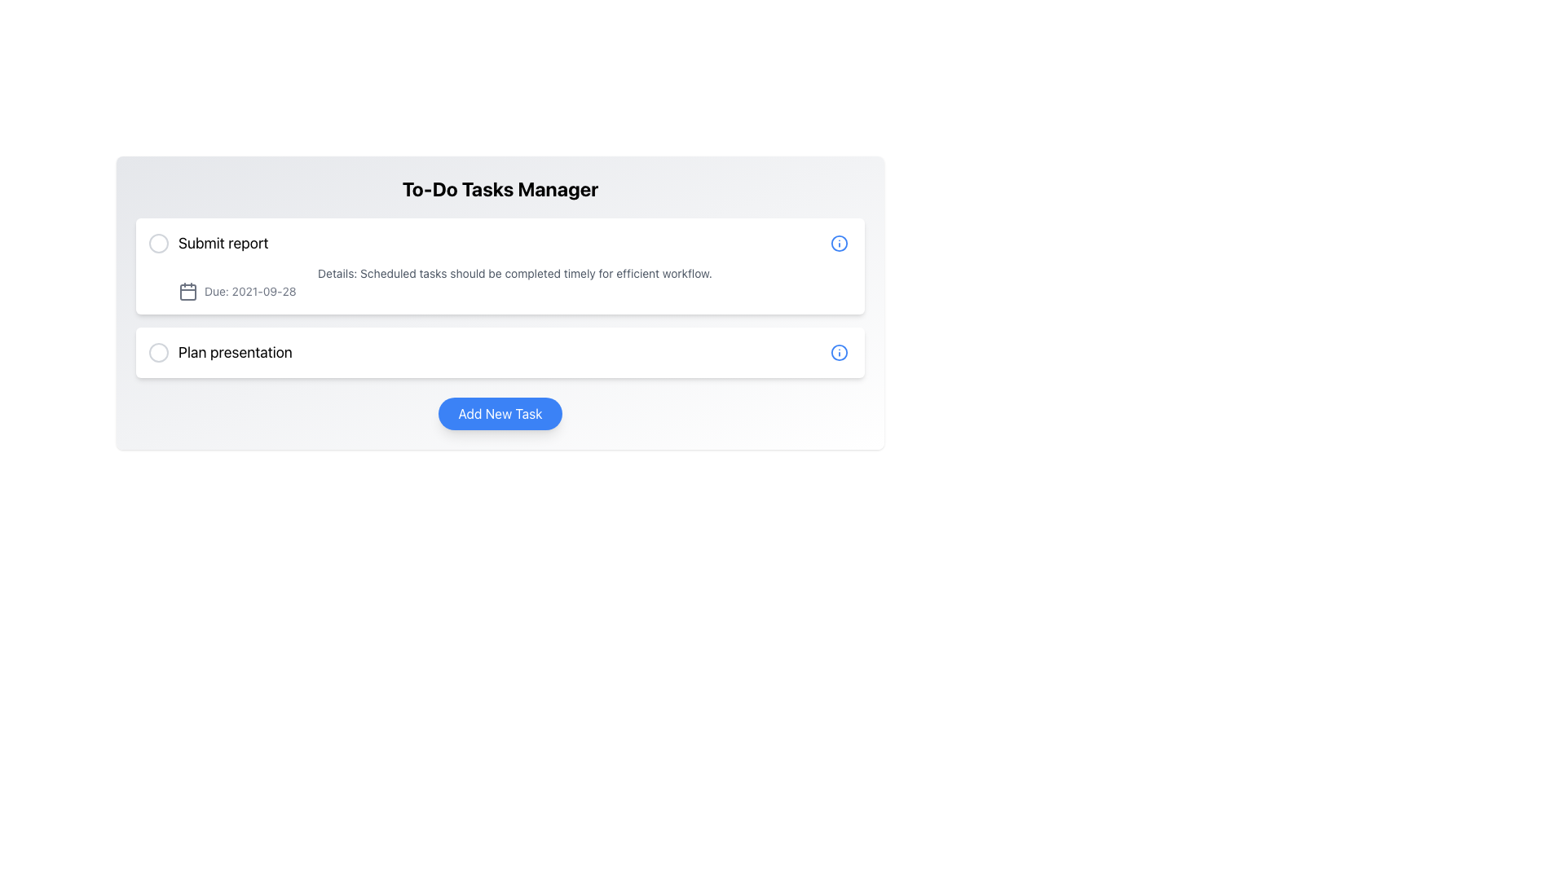  I want to click on the text label associated with a task item, so click(234, 351).